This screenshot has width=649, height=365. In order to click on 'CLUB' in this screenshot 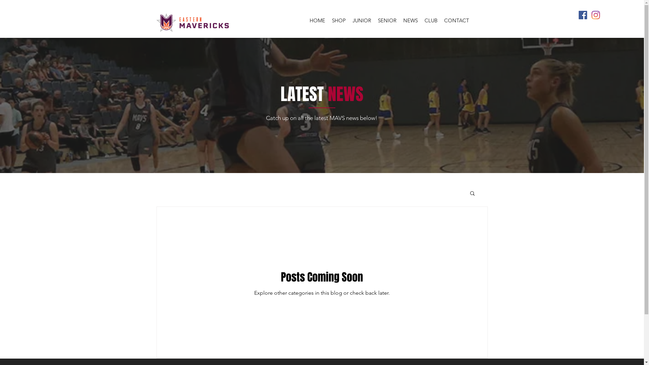, I will do `click(431, 20)`.